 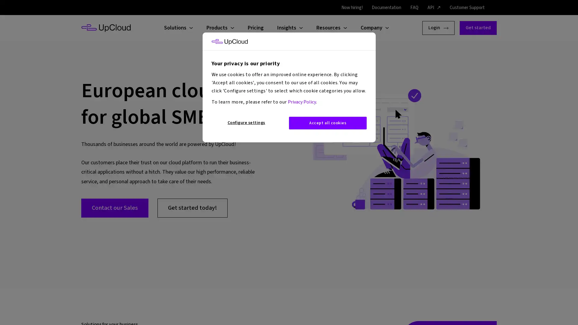 What do you see at coordinates (345, 28) in the screenshot?
I see `Open child menu for Resources` at bounding box center [345, 28].